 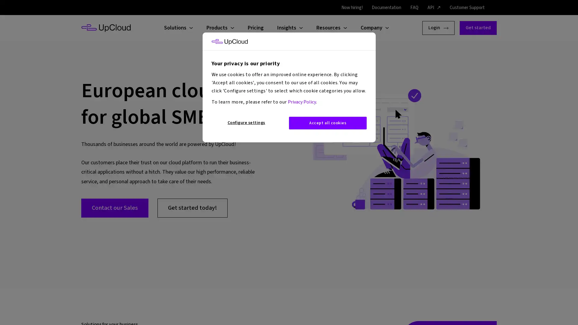 What do you see at coordinates (345, 28) in the screenshot?
I see `Open child menu for Resources` at bounding box center [345, 28].